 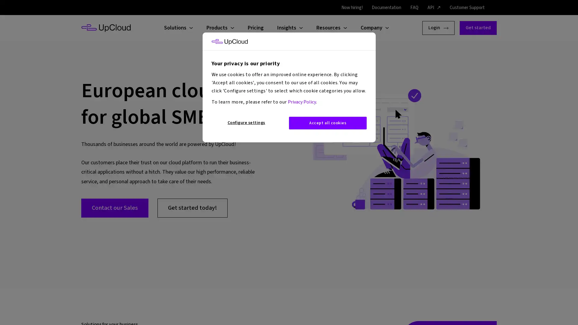 What do you see at coordinates (345, 28) in the screenshot?
I see `Open child menu for Resources` at bounding box center [345, 28].